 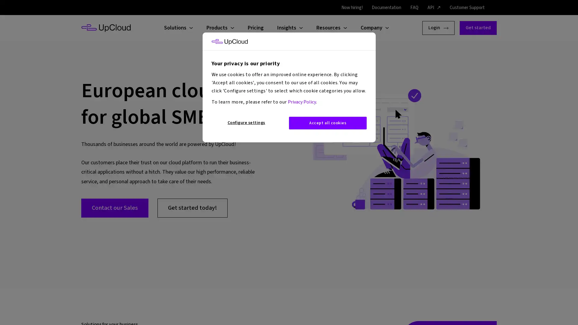 What do you see at coordinates (345, 28) in the screenshot?
I see `Open child menu for Resources` at bounding box center [345, 28].